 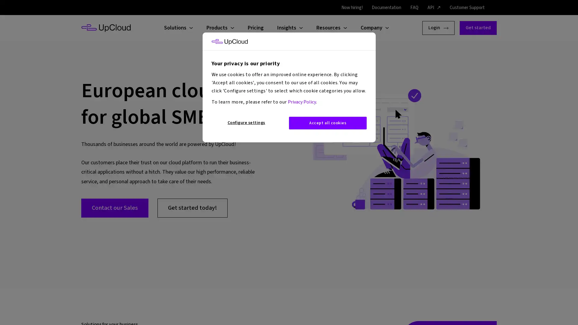 What do you see at coordinates (345, 28) in the screenshot?
I see `Open child menu for Resources` at bounding box center [345, 28].